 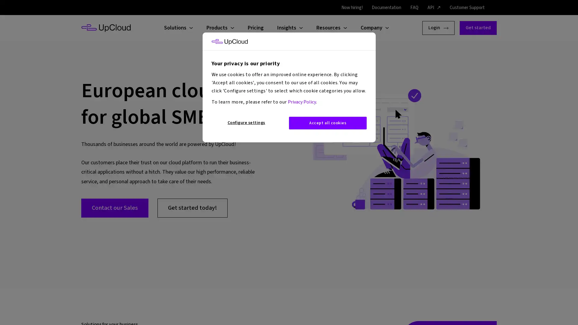 What do you see at coordinates (345, 28) in the screenshot?
I see `Open child menu for Resources` at bounding box center [345, 28].